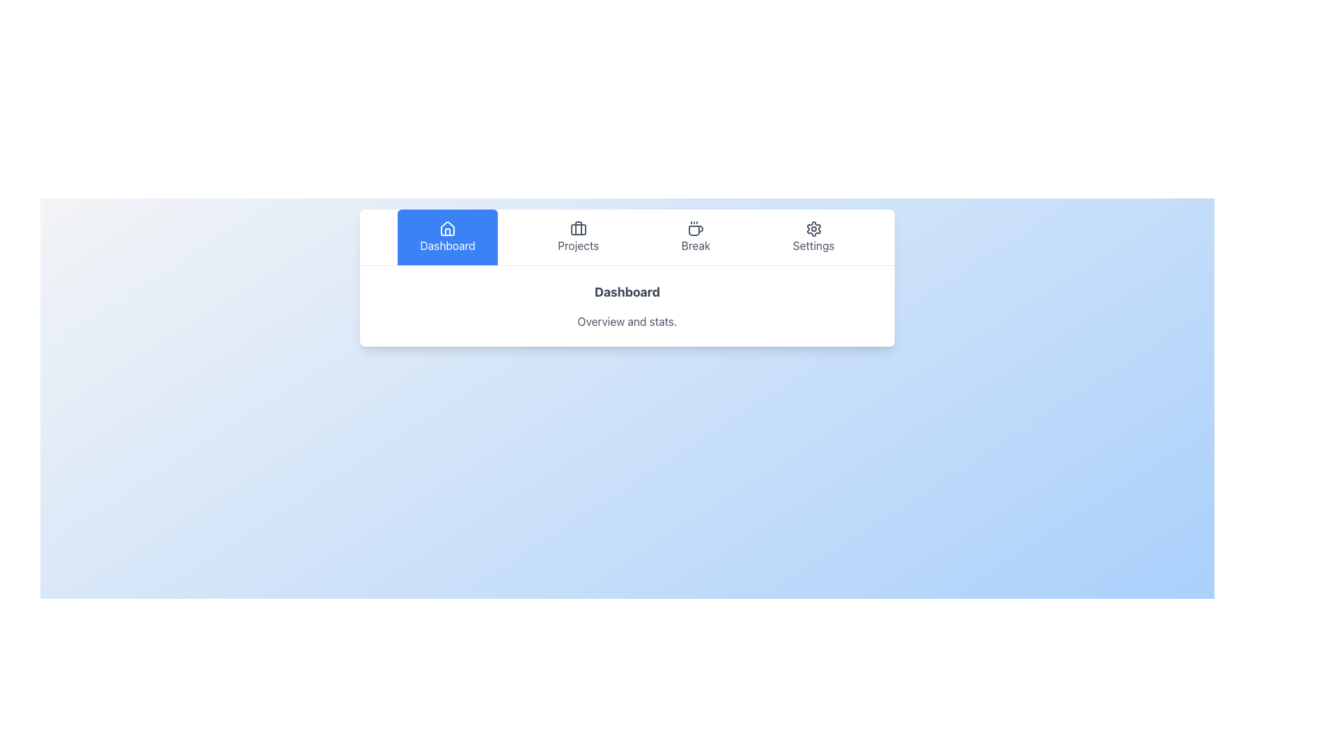 Image resolution: width=1337 pixels, height=752 pixels. I want to click on the 'Settings' button located at the far right of the navigation menu, so click(813, 236).